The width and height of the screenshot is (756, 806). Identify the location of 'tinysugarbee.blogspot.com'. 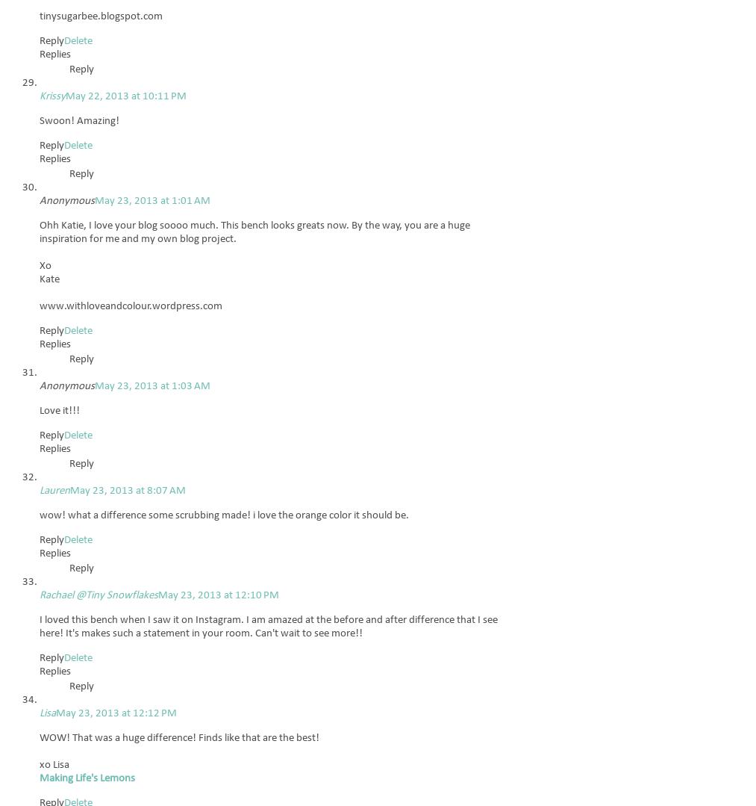
(101, 16).